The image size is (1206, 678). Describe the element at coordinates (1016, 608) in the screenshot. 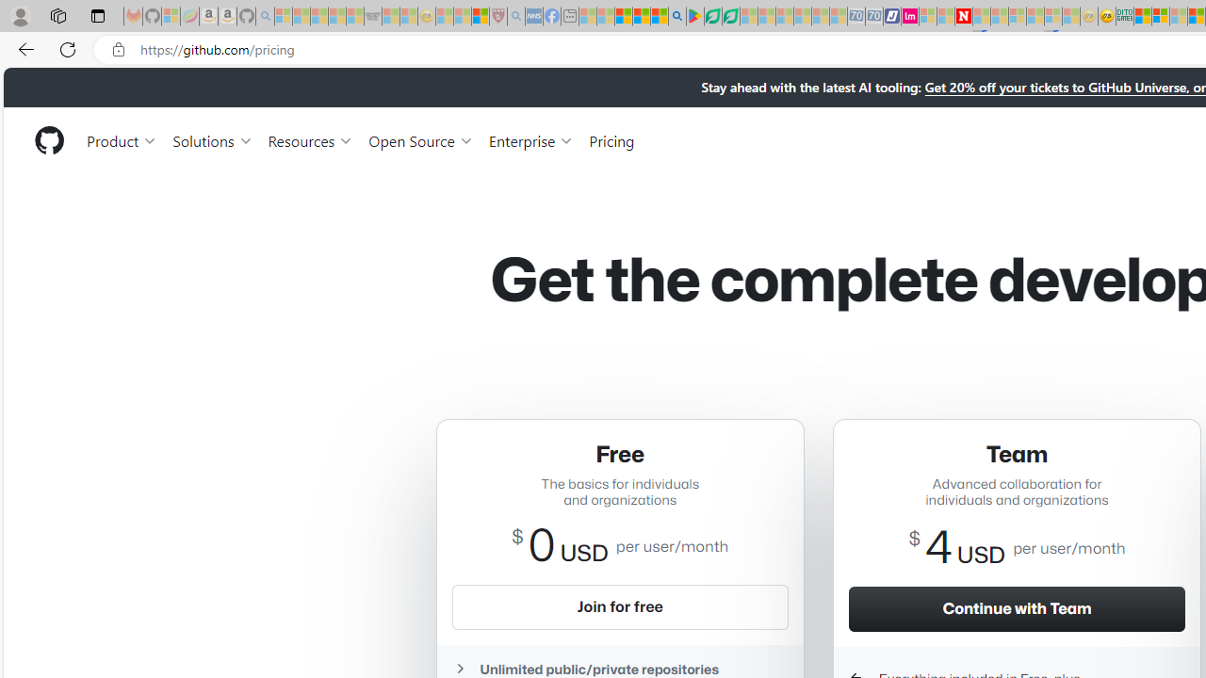

I see `'Continue with Team'` at that location.